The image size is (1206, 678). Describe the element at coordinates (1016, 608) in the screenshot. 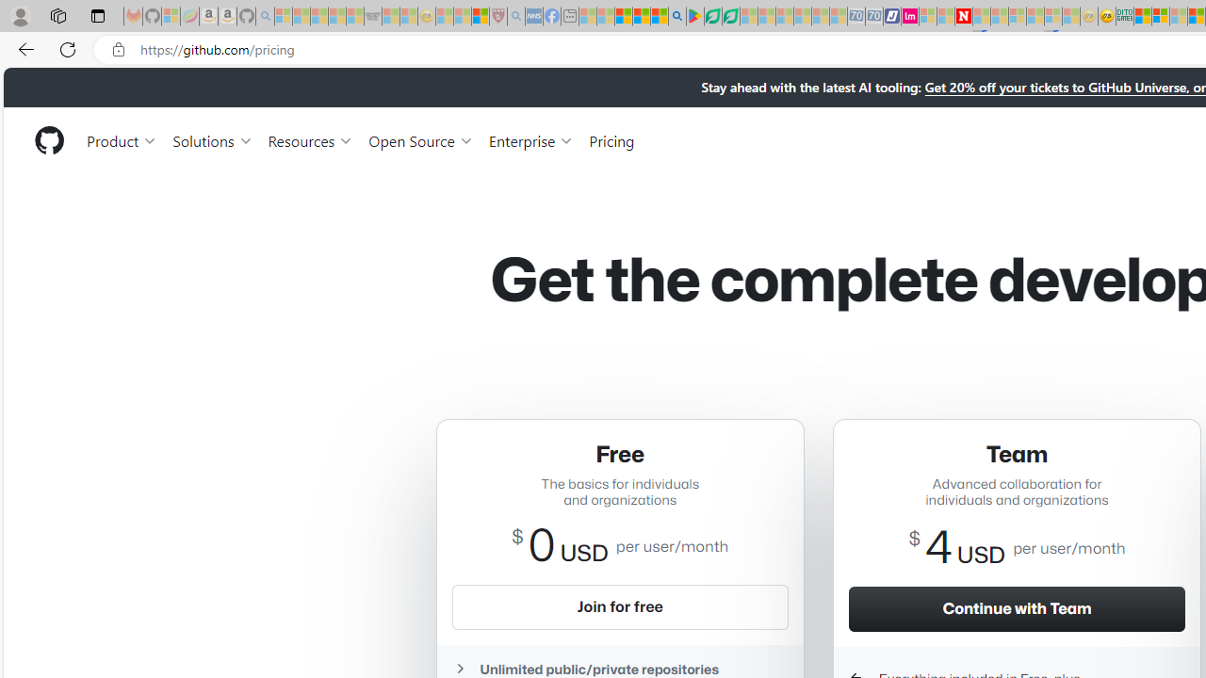

I see `'Continue with Team'` at that location.